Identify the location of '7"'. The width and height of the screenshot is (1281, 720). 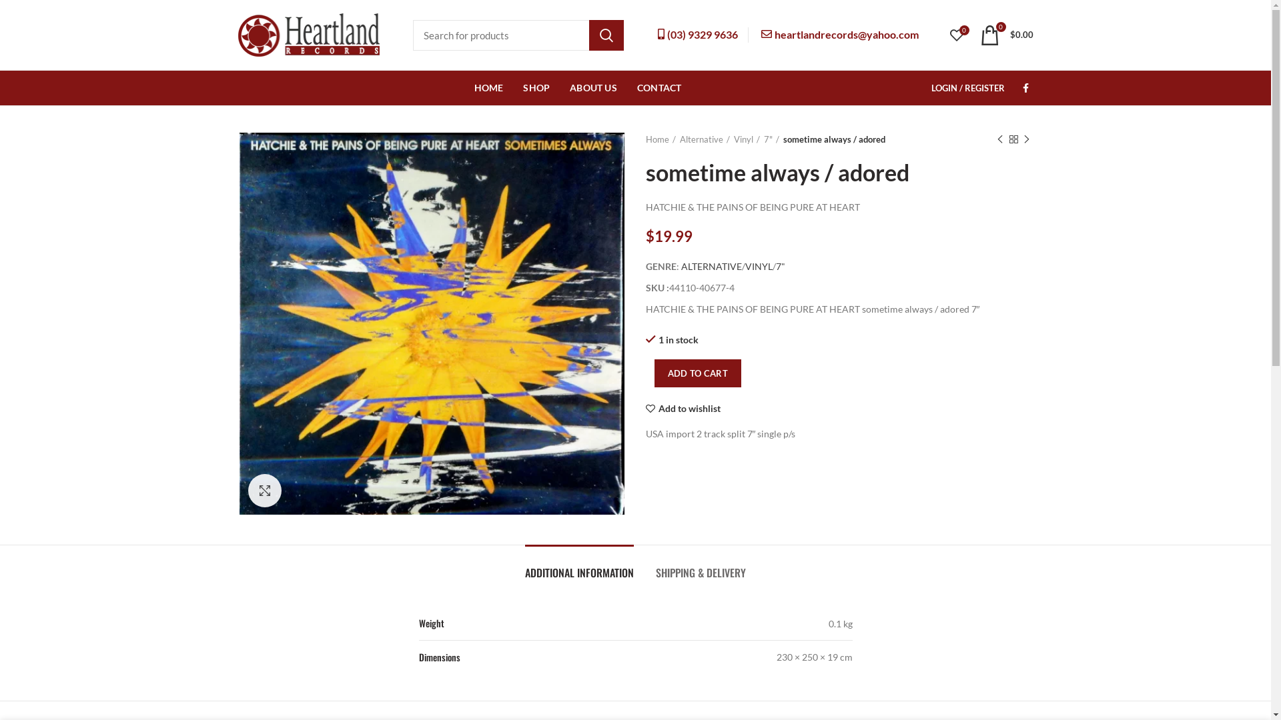
(771, 139).